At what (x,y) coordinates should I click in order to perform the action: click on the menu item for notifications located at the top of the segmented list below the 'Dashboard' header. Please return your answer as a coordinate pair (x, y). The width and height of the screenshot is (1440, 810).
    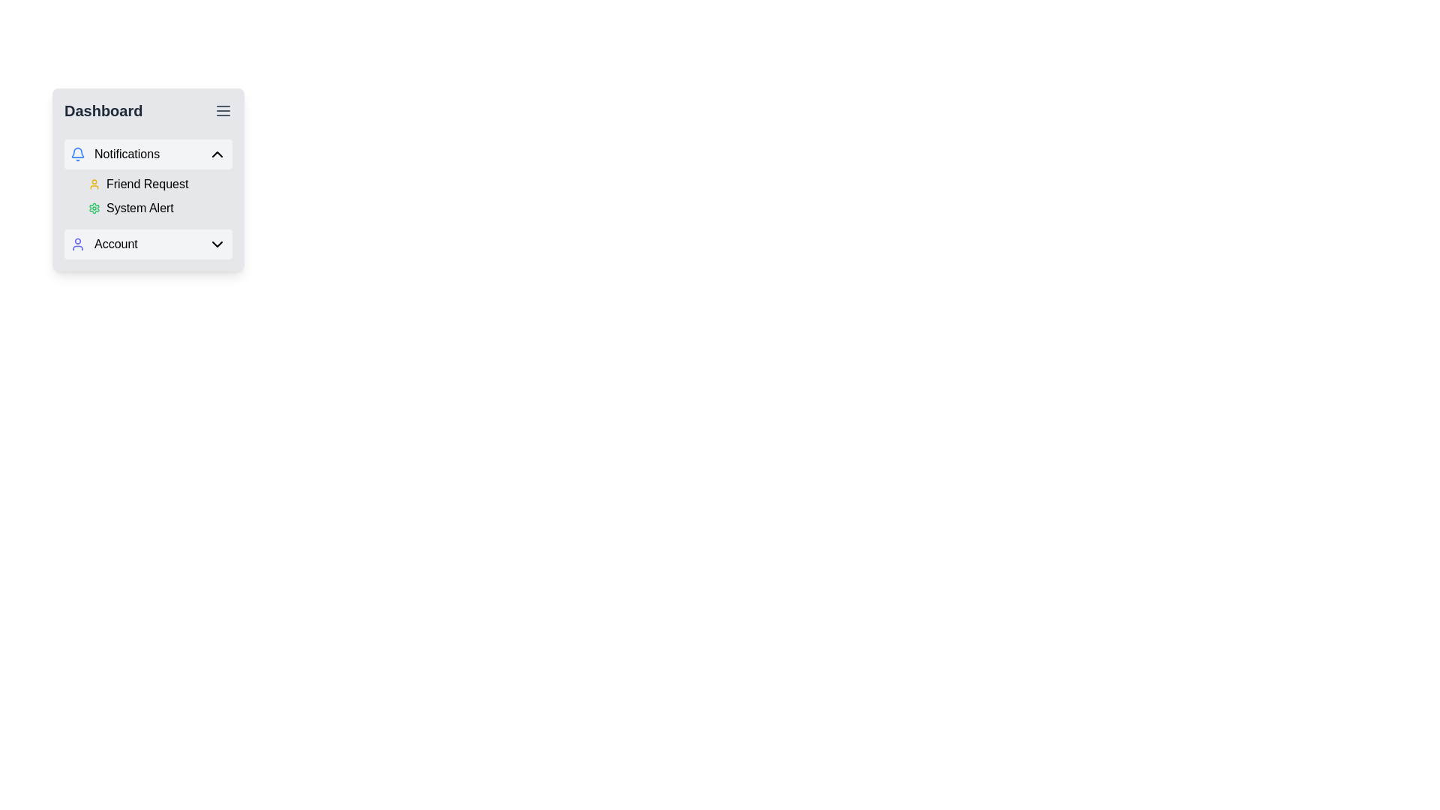
    Looking at the image, I should click on (114, 154).